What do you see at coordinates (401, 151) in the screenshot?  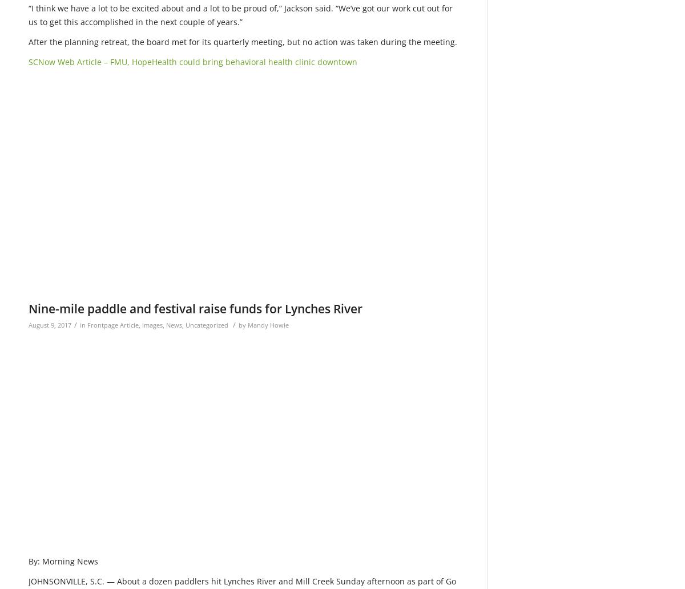 I see `'2017-08-09 10:47:16'` at bounding box center [401, 151].